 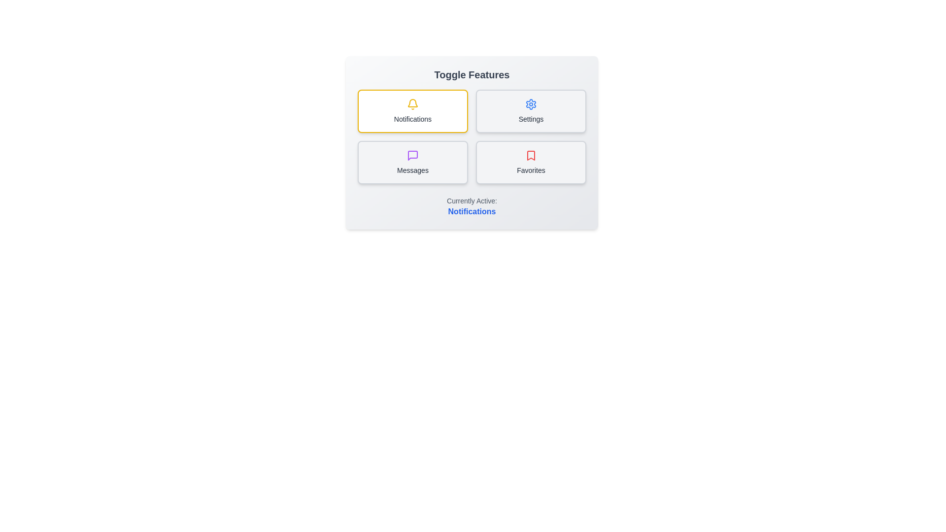 What do you see at coordinates (531, 162) in the screenshot?
I see `the toggle option Favorites by clicking on its corresponding button` at bounding box center [531, 162].